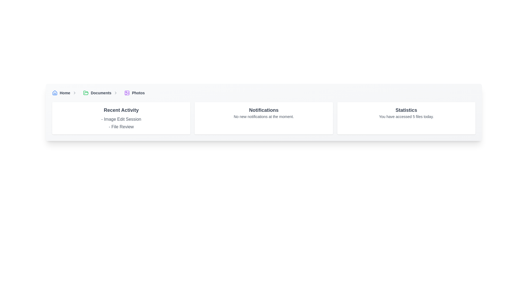 Image resolution: width=519 pixels, height=291 pixels. I want to click on the Breadcrumb link at the beginning of the navigation bar, so click(61, 92).